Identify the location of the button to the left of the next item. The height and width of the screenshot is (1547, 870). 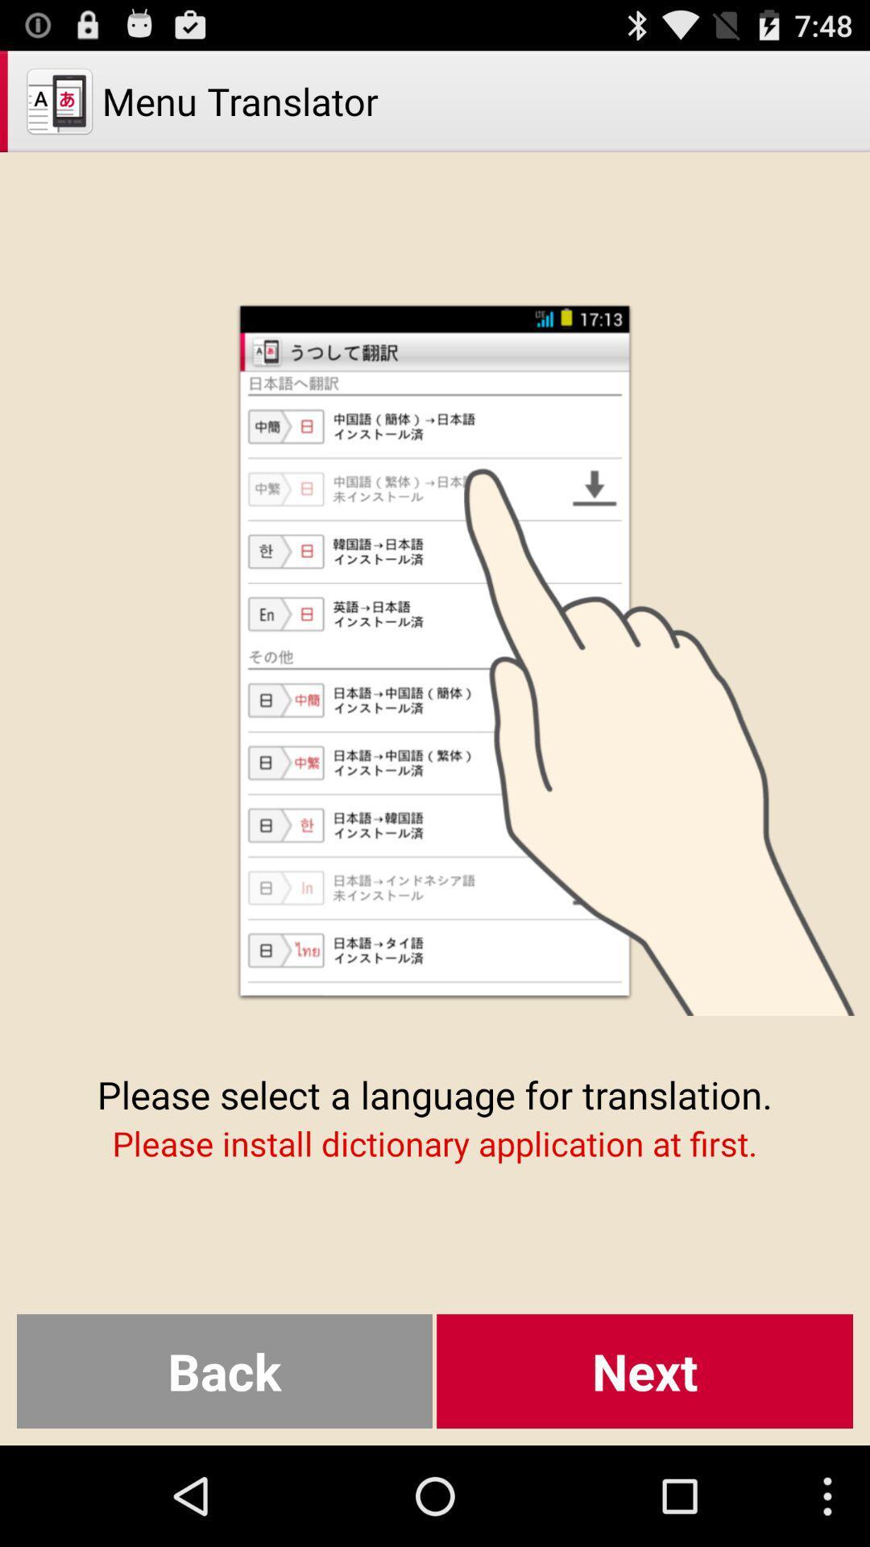
(224, 1371).